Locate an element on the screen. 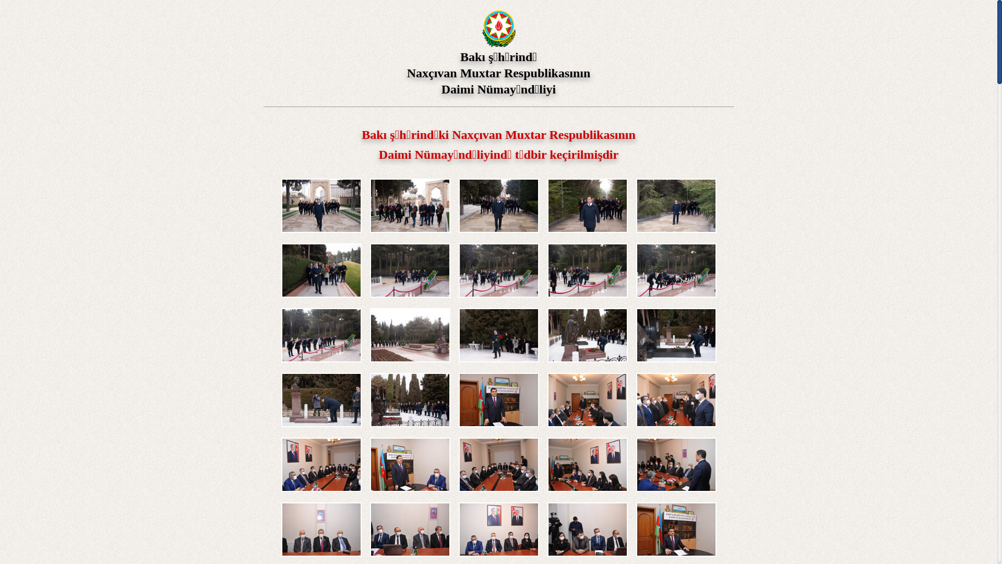 The image size is (1002, 564). 'Click to enlarge' is located at coordinates (635, 269).